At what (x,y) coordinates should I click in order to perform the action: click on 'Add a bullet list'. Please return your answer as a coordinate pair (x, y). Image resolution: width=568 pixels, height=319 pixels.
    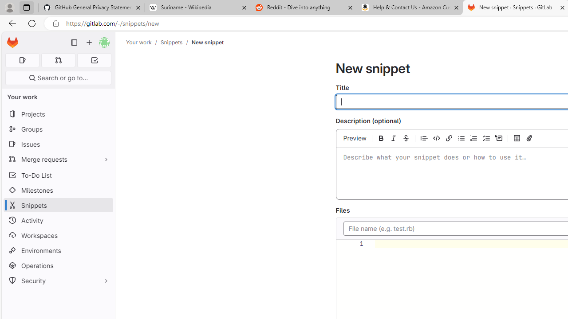
    Looking at the image, I should click on (461, 138).